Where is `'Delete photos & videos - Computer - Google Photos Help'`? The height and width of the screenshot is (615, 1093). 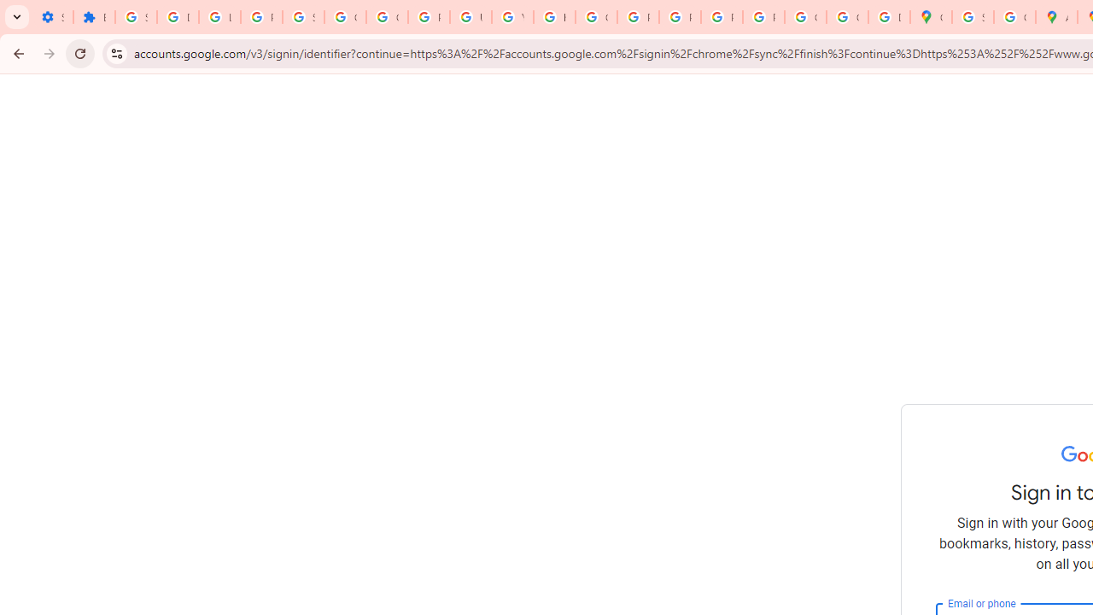 'Delete photos & videos - Computer - Google Photos Help' is located at coordinates (178, 17).